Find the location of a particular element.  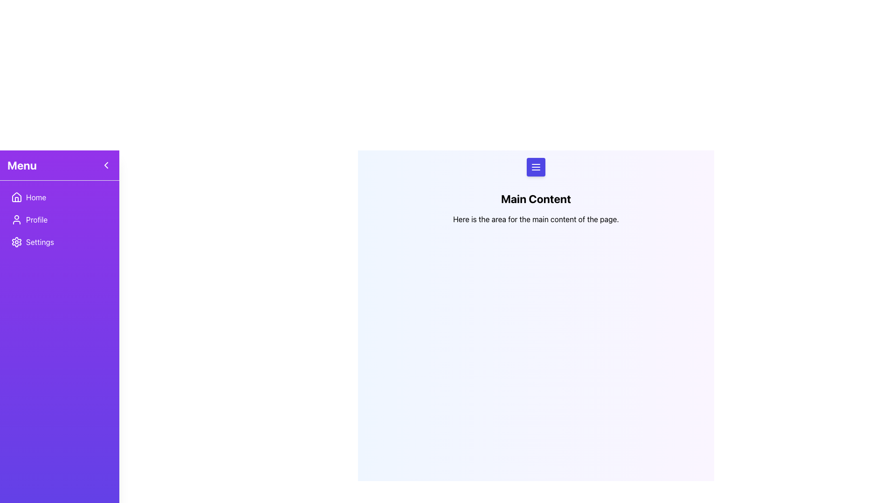

the third item in the vertical navigation menu, which is a text label for navigating to the settings page, located to the right of a gear icon is located at coordinates (40, 242).